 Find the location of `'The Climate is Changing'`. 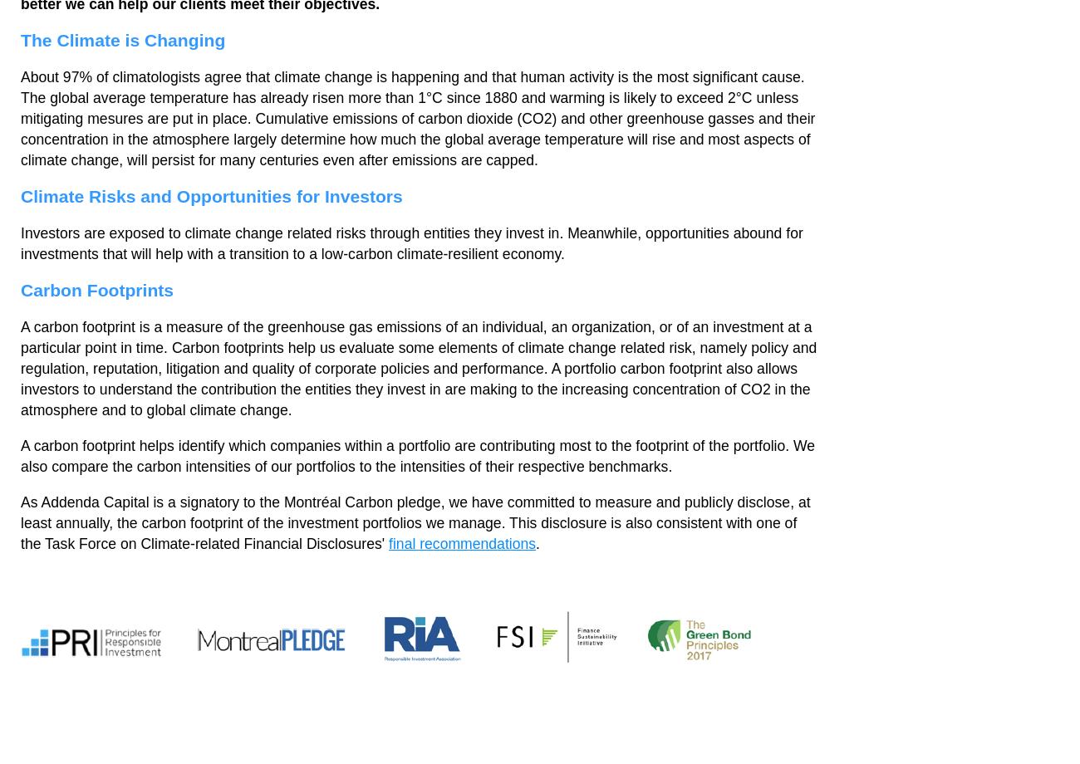

'The Climate is Changing' is located at coordinates (121, 40).